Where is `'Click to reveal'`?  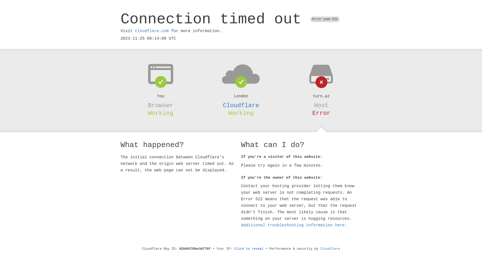 'Click to reveal' is located at coordinates (249, 249).